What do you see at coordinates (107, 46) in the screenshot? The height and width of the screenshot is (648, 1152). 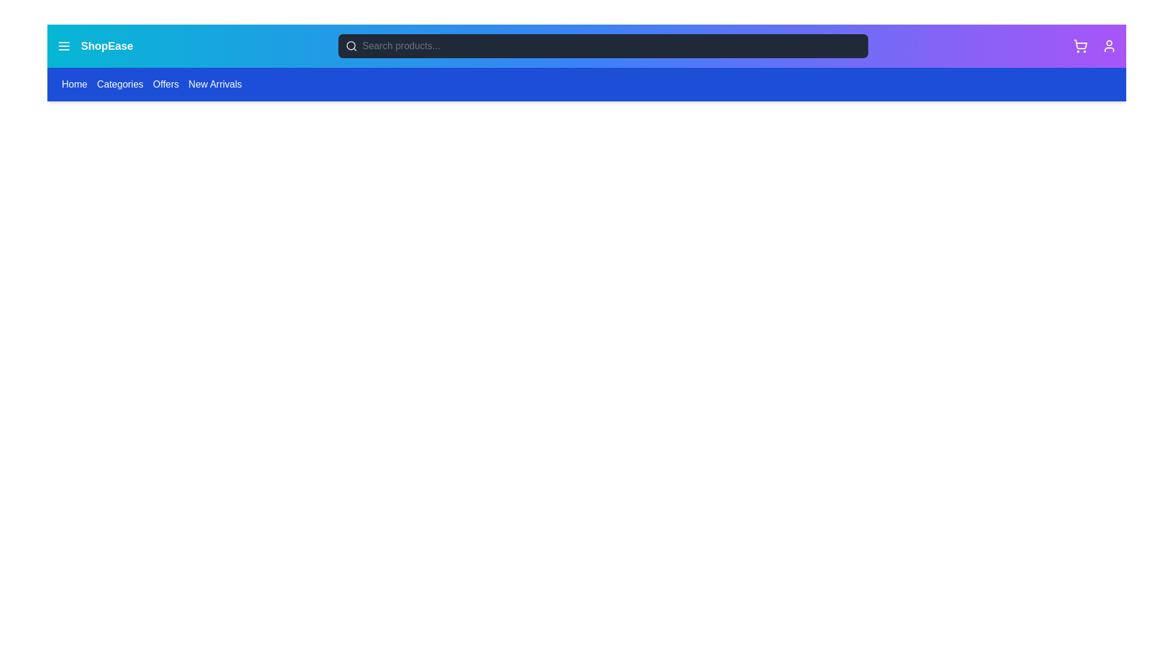 I see `the 'ShopEase' text label, which serves as the brand logo in the navigation bar, positioned to the right of the menu icon` at bounding box center [107, 46].